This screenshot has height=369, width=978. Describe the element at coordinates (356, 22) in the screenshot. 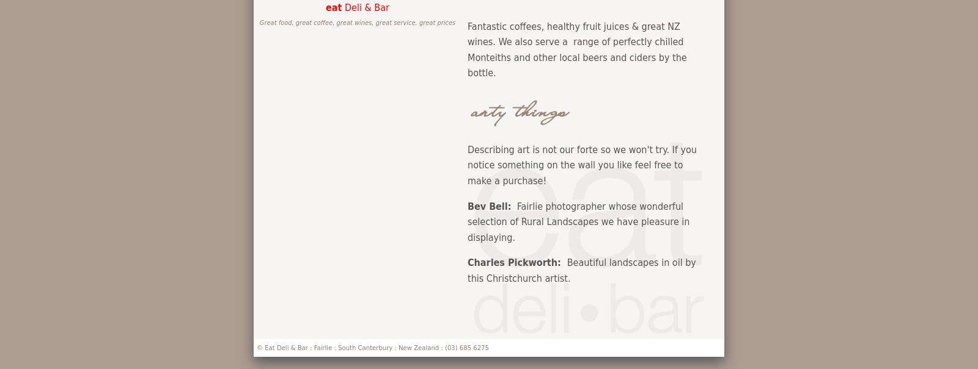

I see `'Great food, great coffee, great wines, great service, great prices'` at that location.